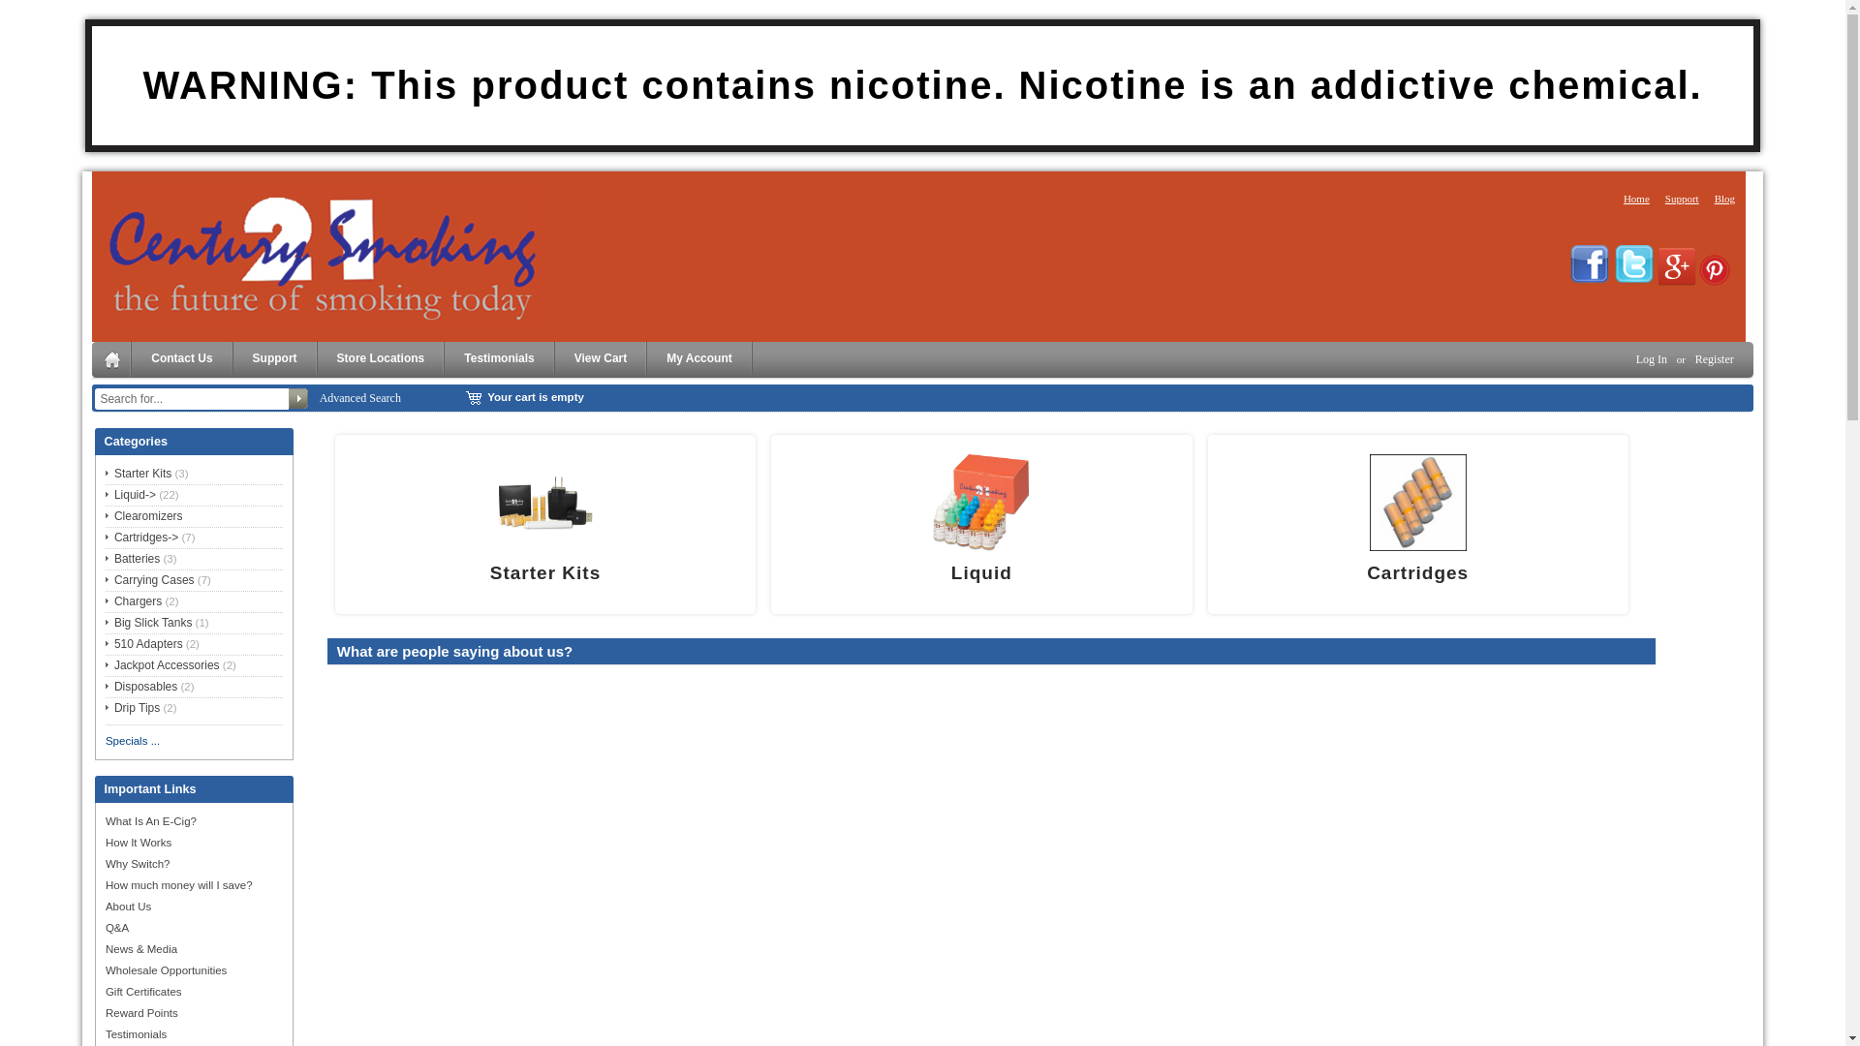 The height and width of the screenshot is (1046, 1860). Describe the element at coordinates (140, 538) in the screenshot. I see `'Cartridges->'` at that location.